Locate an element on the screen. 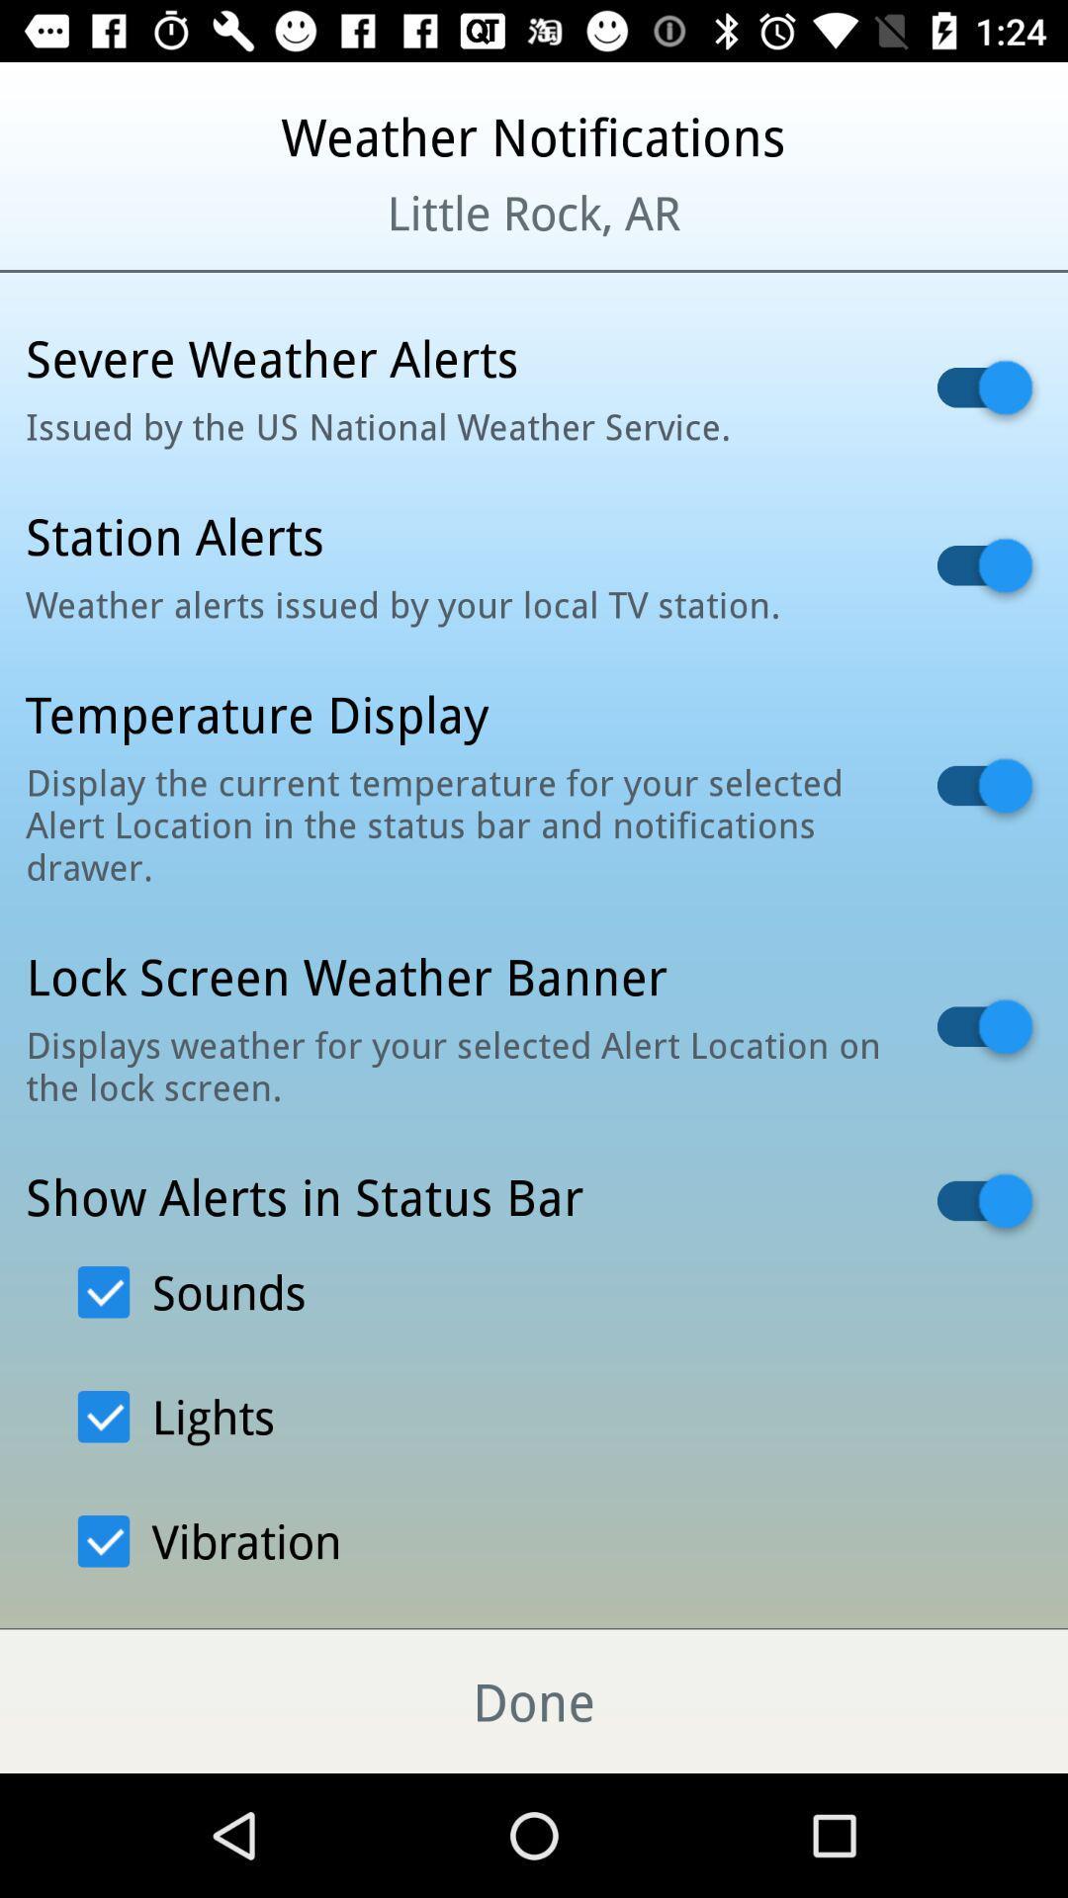 This screenshot has height=1898, width=1068. the displays weather for item is located at coordinates (456, 1065).